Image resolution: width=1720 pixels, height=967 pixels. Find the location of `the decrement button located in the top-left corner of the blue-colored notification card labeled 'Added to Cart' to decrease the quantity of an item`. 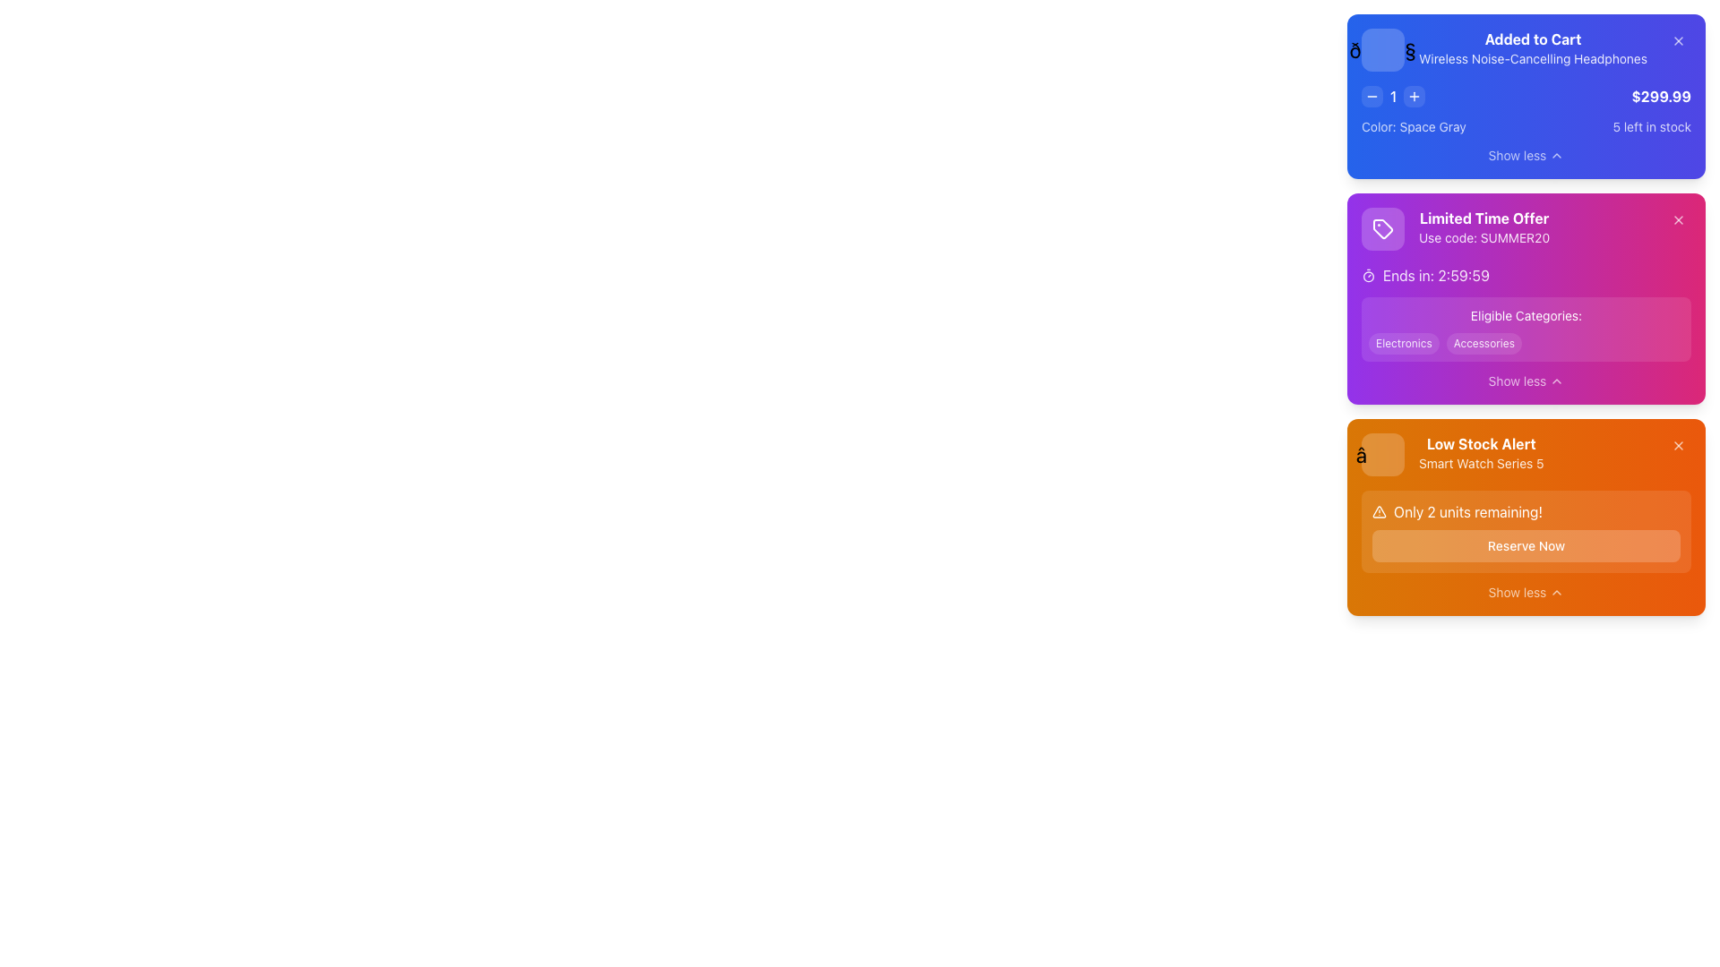

the decrement button located in the top-left corner of the blue-colored notification card labeled 'Added to Cart' to decrease the quantity of an item is located at coordinates (1371, 97).